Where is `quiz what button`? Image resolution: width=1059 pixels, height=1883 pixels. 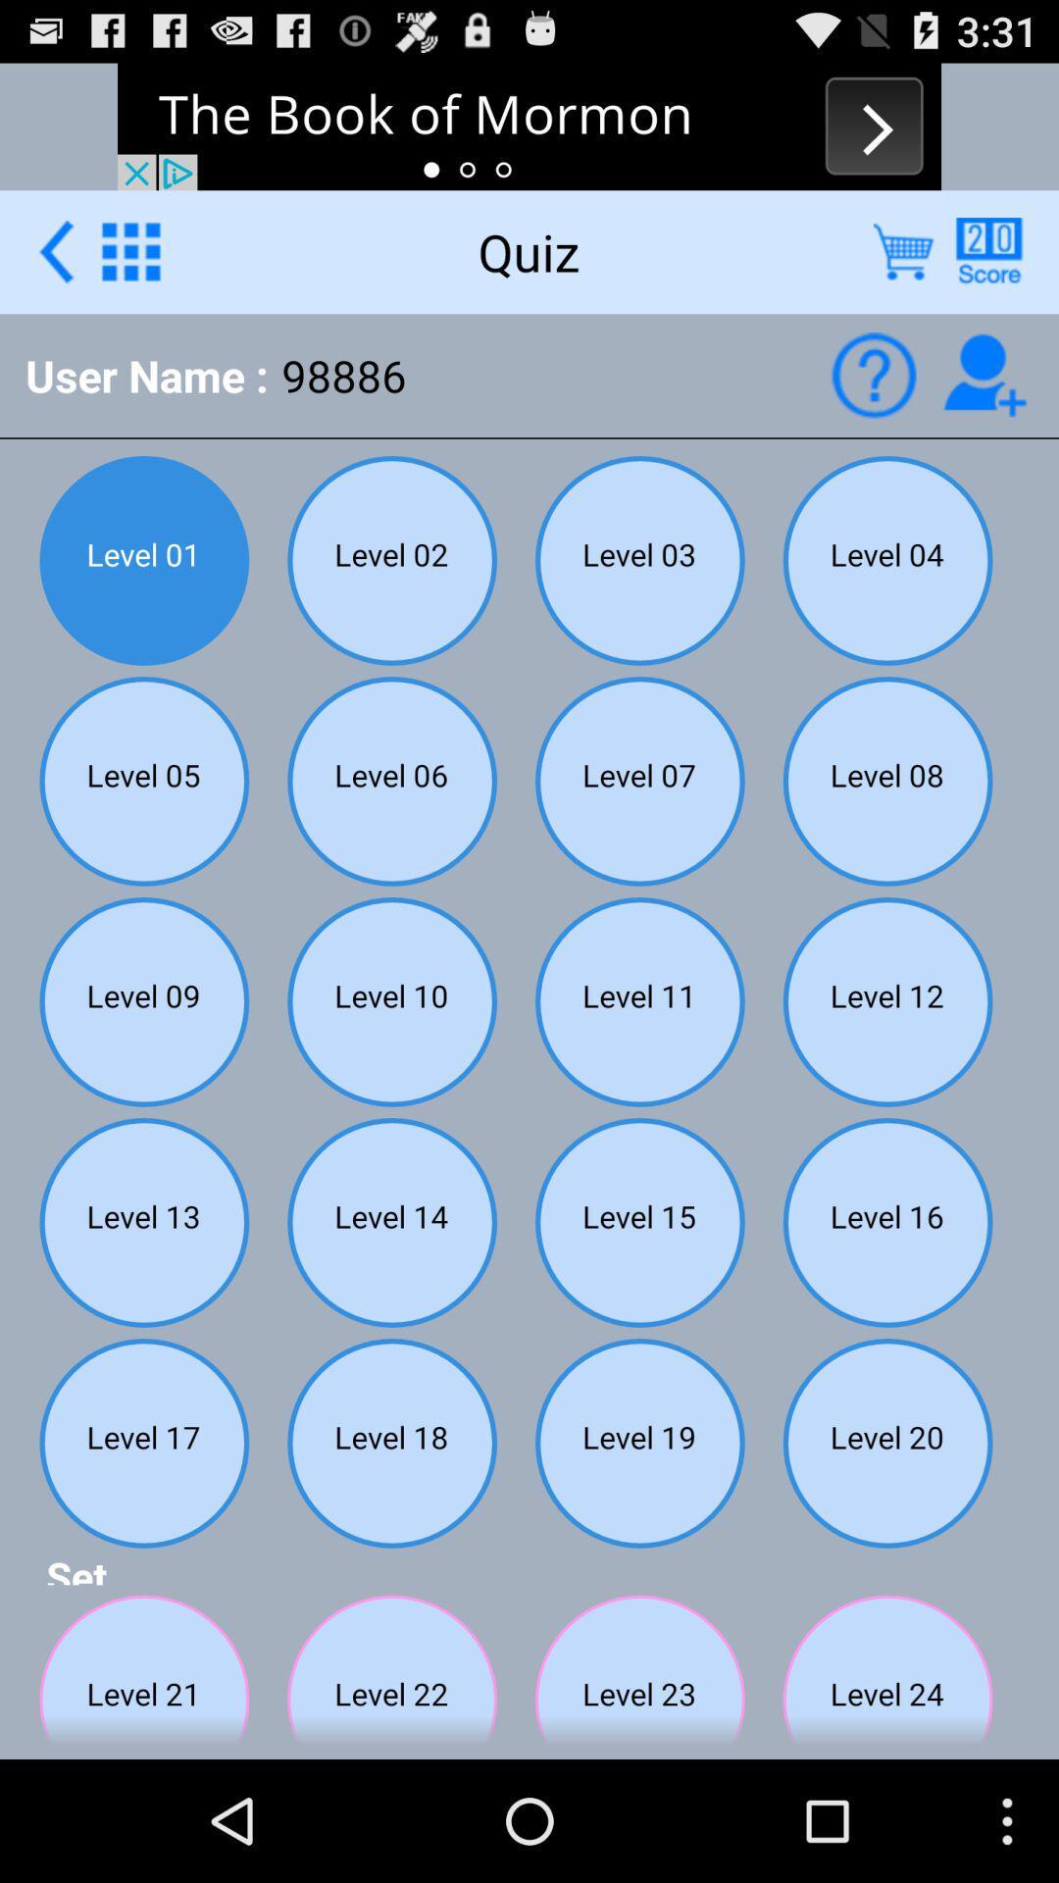
quiz what button is located at coordinates (872, 375).